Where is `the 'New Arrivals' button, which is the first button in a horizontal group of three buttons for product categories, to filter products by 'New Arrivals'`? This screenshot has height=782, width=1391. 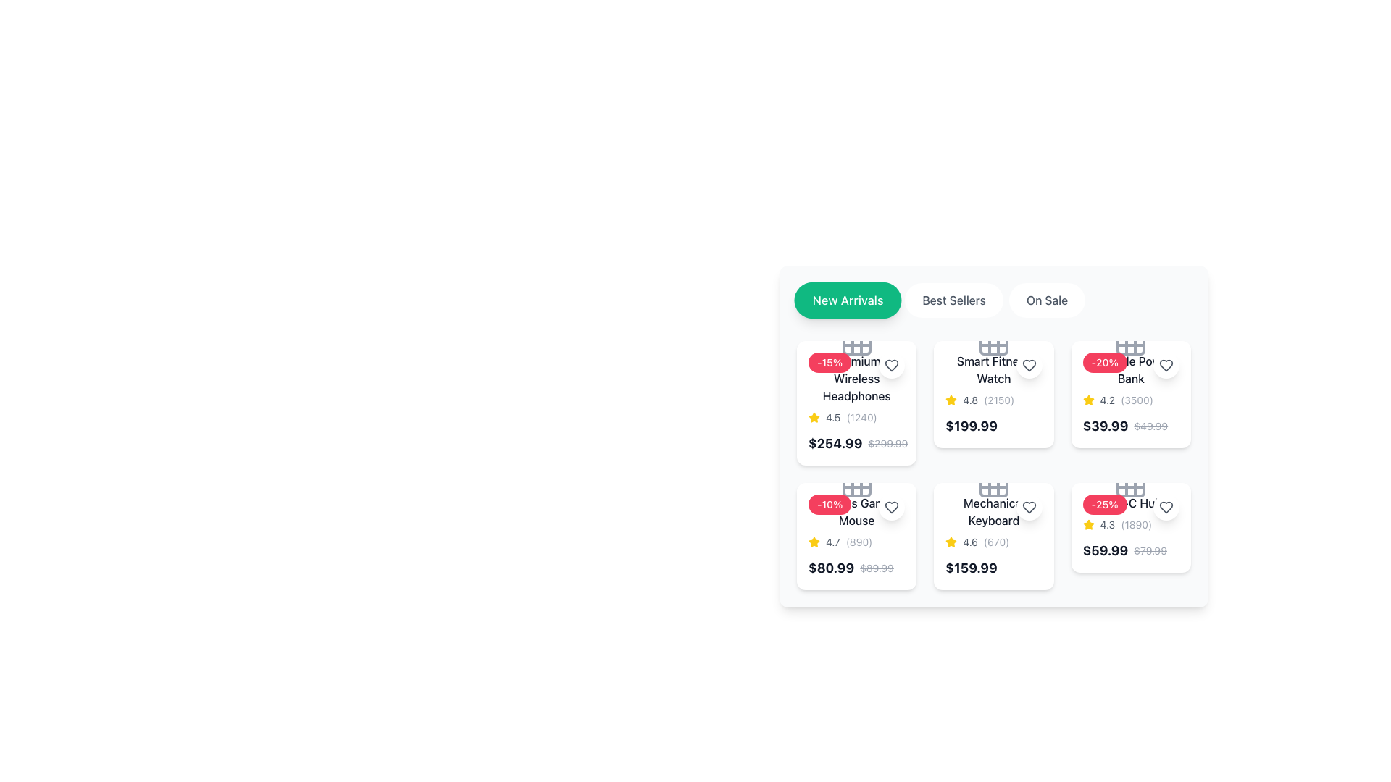 the 'New Arrivals' button, which is the first button in a horizontal group of three buttons for product categories, to filter products by 'New Arrivals' is located at coordinates (848, 300).